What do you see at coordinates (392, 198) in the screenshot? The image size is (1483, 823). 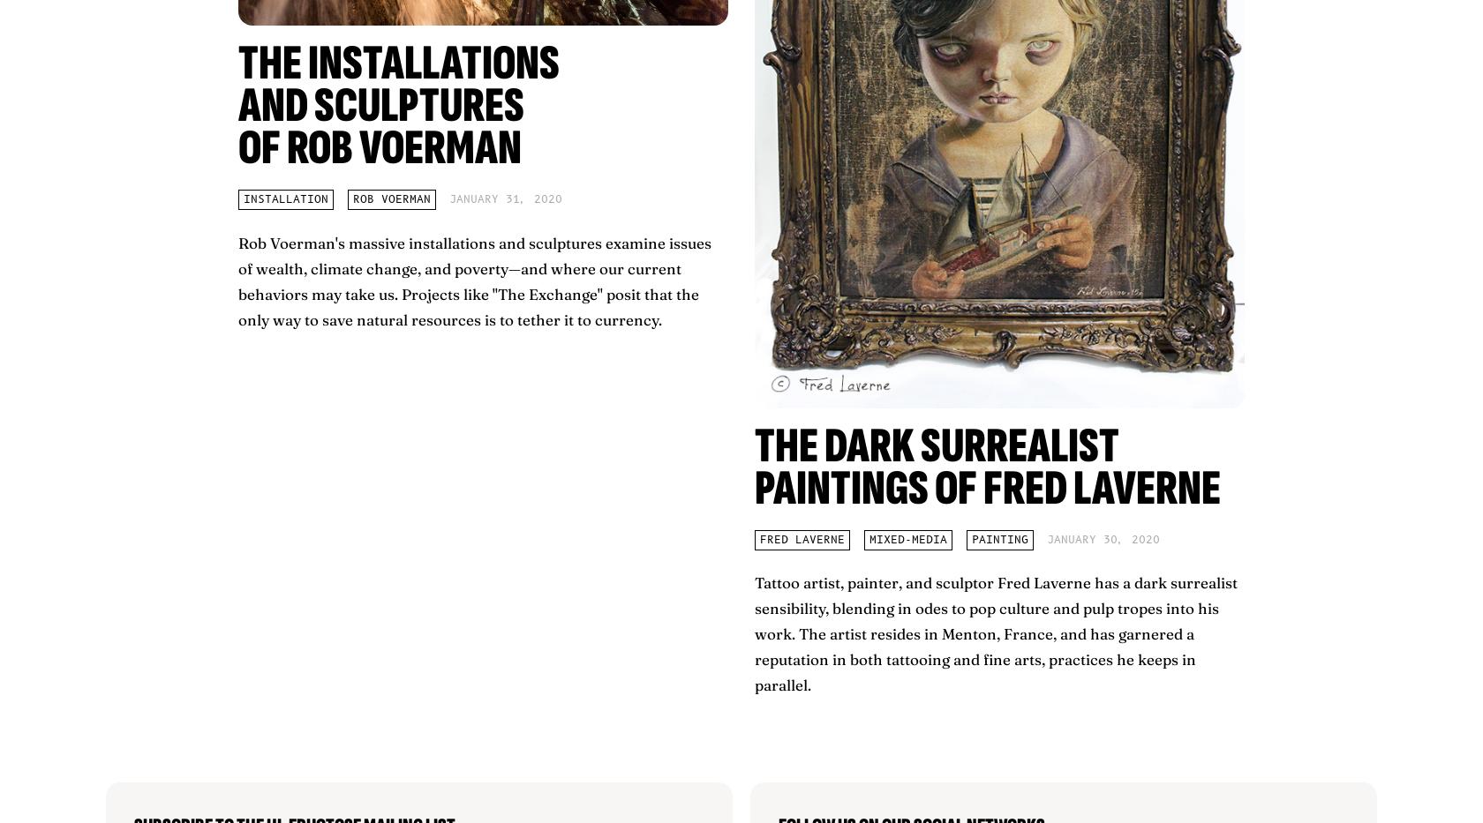 I see `'Rob Voerman'` at bounding box center [392, 198].